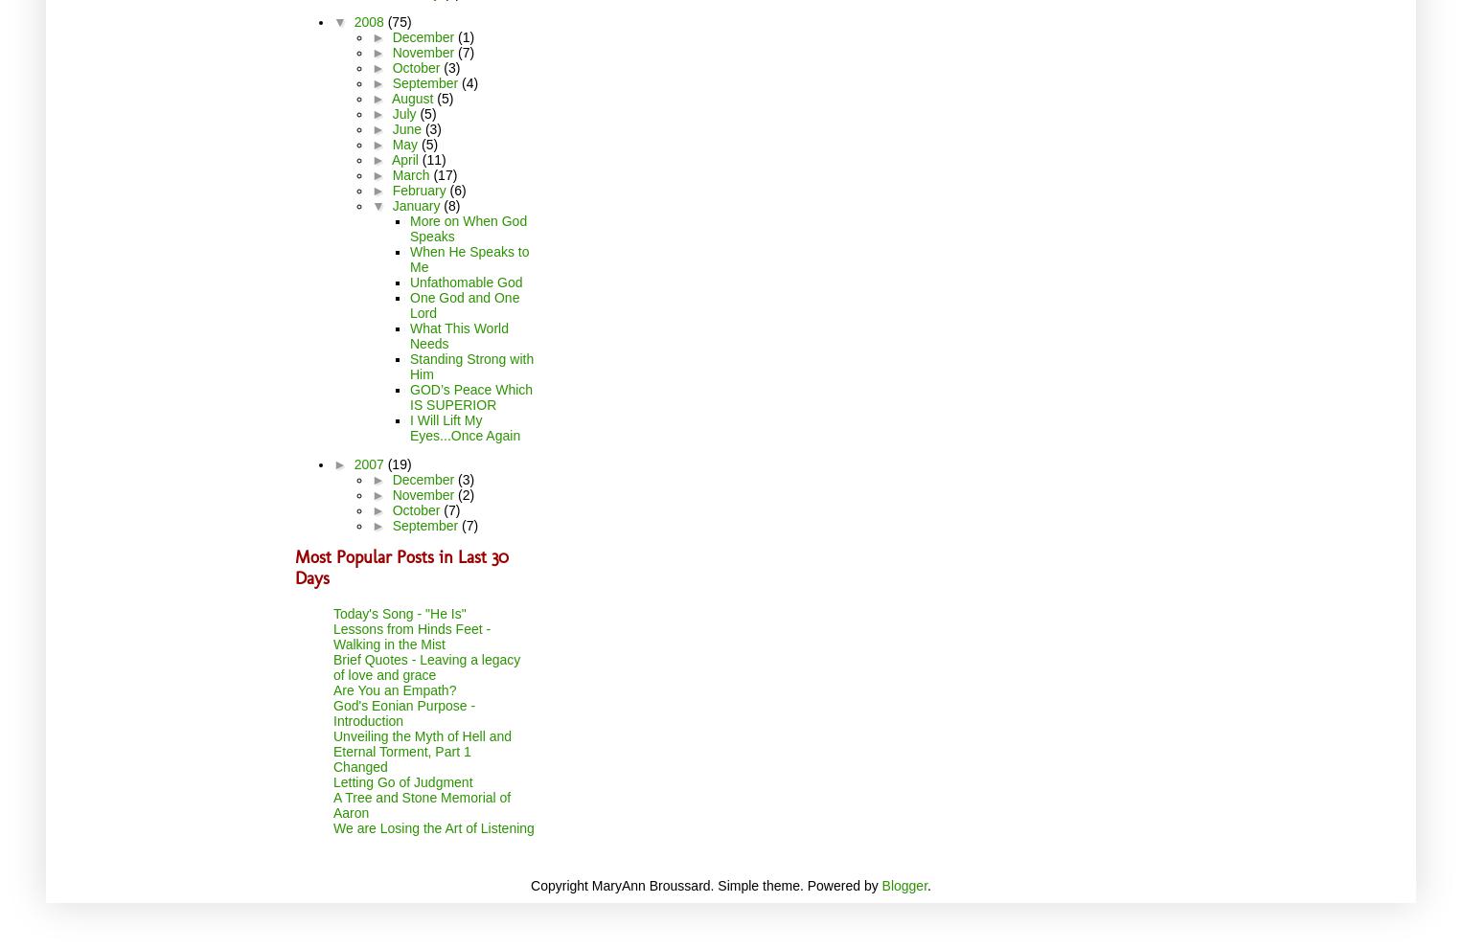 The image size is (1464, 949). Describe the element at coordinates (387, 463) in the screenshot. I see `'(19)'` at that location.